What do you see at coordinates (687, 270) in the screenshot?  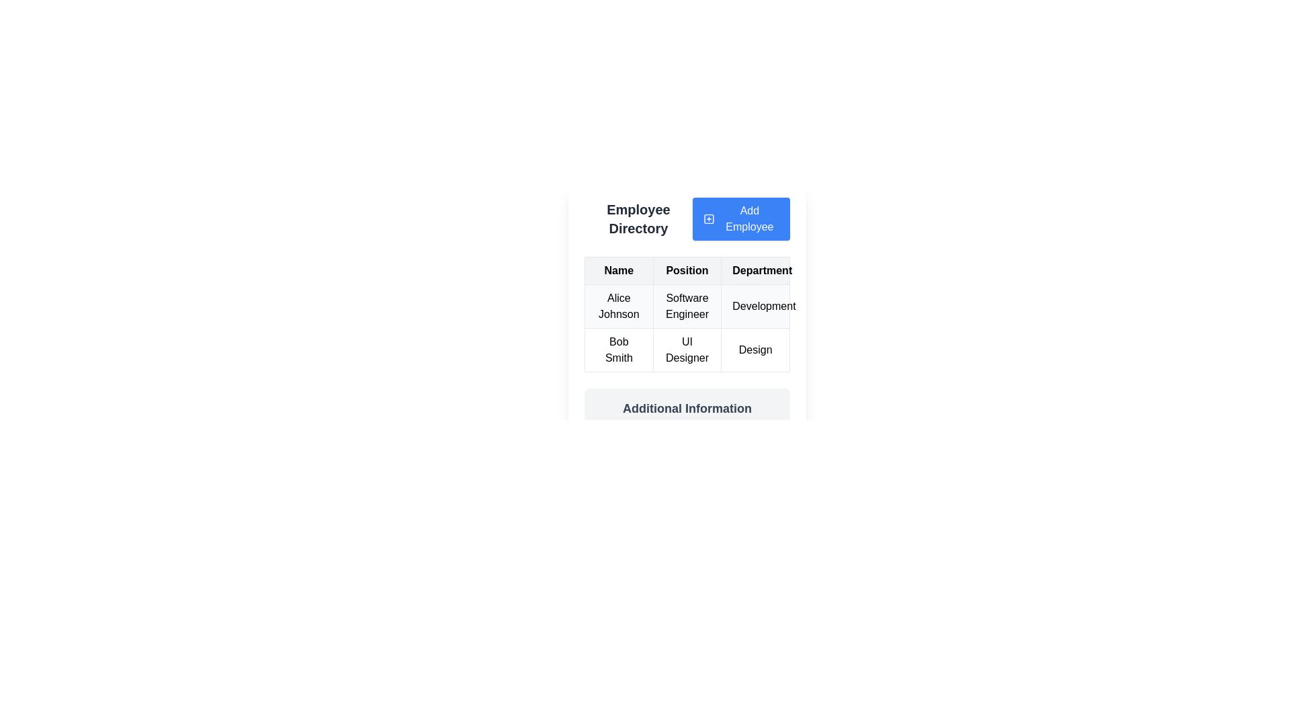 I see `the Table Header Cell indicating the position of individuals, which is located in the middle column of a three-column table header, flanked by 'Name' and 'Department'` at bounding box center [687, 270].